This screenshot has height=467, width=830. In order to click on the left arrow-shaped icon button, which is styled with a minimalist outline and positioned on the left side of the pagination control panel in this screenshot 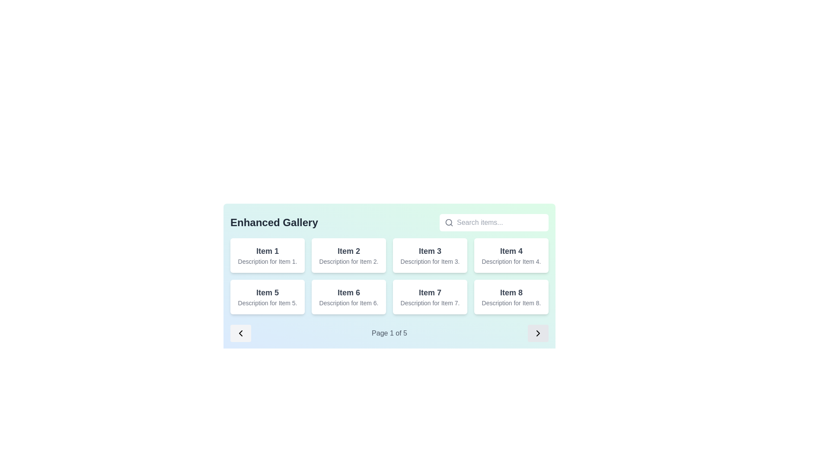, I will do `click(240, 333)`.